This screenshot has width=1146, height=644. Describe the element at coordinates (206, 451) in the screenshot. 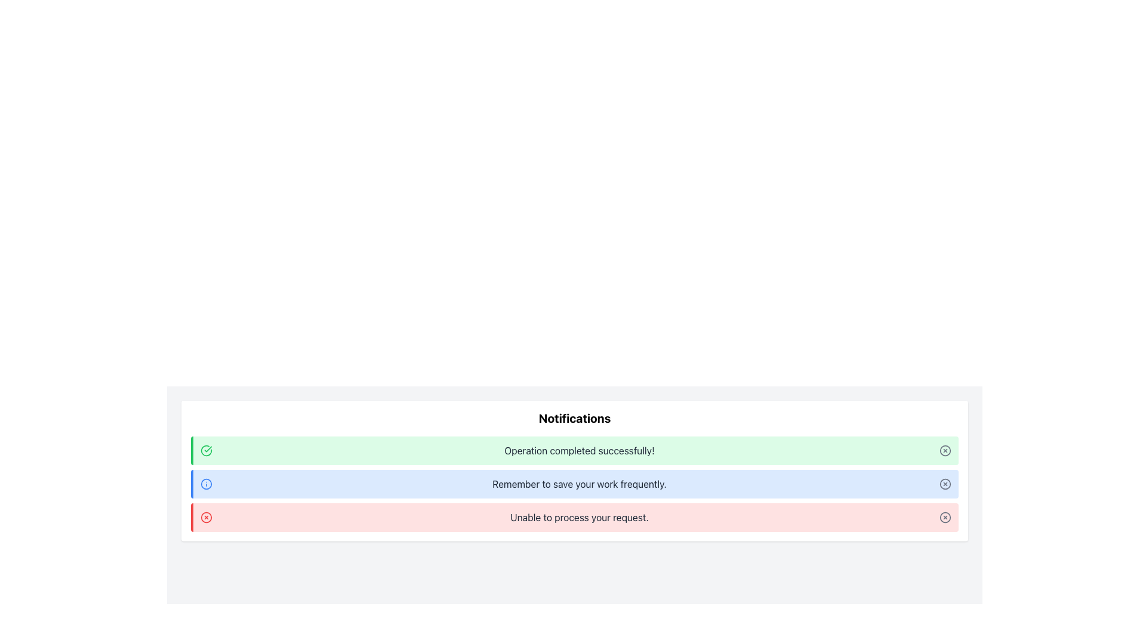

I see `the leftmost circular outline icon with a green checkmark within the success notification bar at the top of the notifications` at that location.